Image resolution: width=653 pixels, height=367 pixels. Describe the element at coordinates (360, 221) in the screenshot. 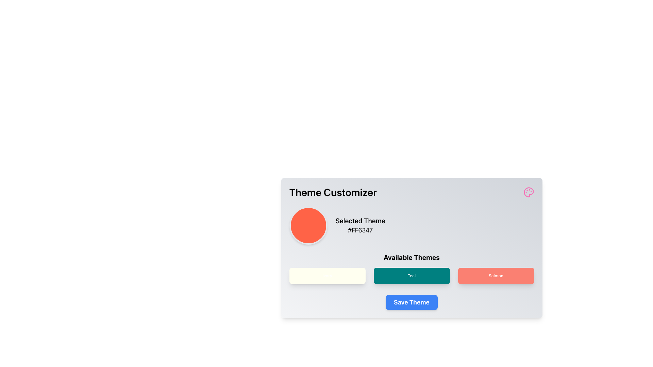

I see `the text label indicating the currently selected theme, which is positioned near the upper-right corner of the color representation circle in the theme customization section` at that location.